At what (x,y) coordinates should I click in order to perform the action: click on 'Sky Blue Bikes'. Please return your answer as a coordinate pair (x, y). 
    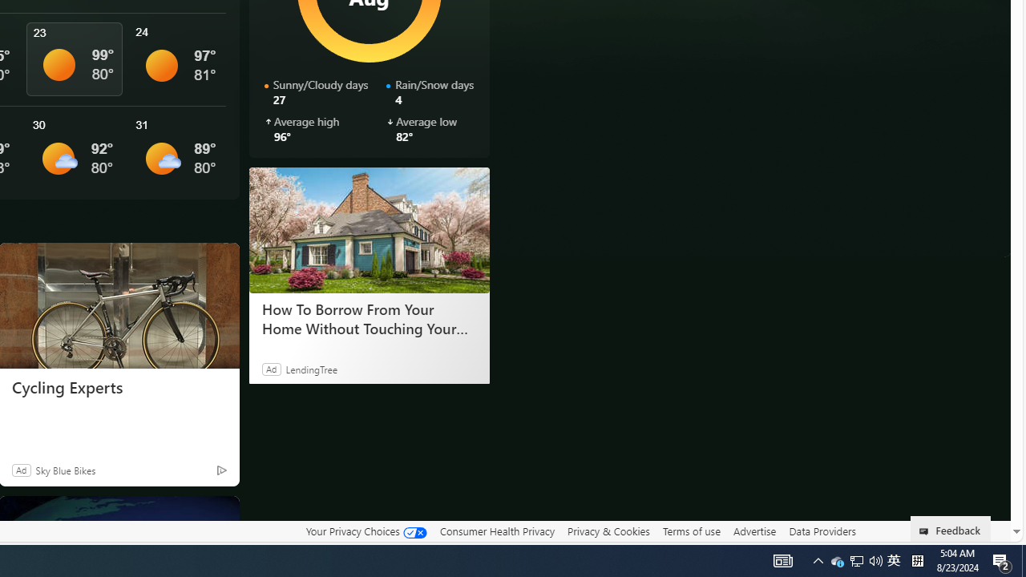
    Looking at the image, I should click on (64, 469).